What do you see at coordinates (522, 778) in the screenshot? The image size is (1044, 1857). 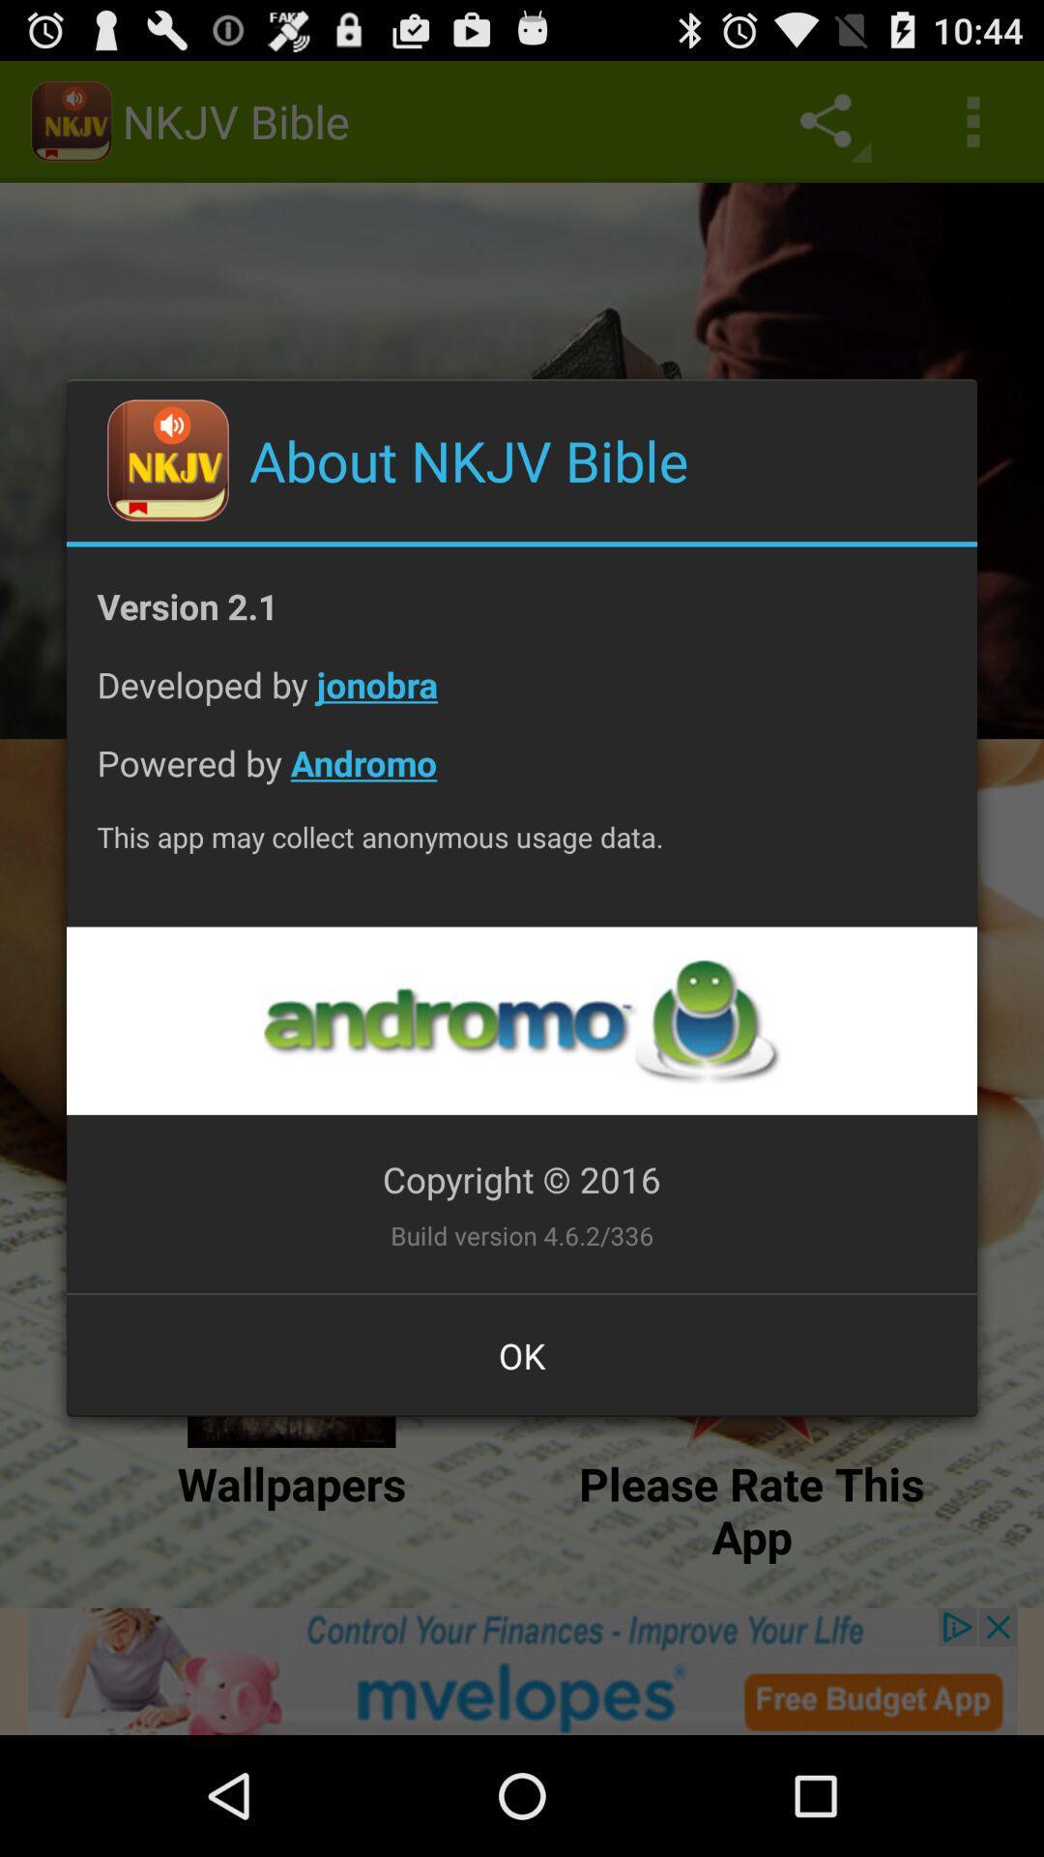 I see `the powered by andromo` at bounding box center [522, 778].